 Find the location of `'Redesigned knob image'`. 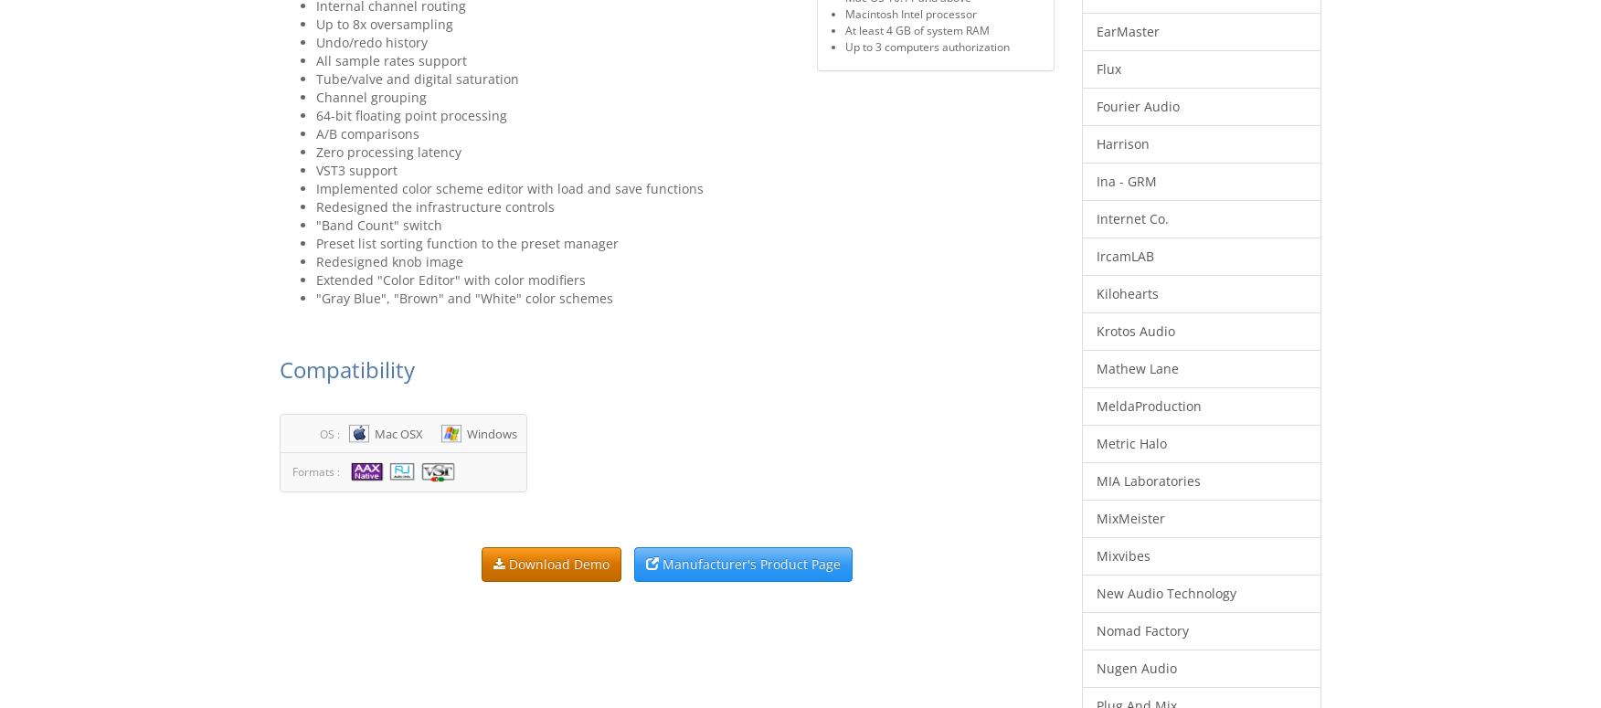

'Redesigned knob image' is located at coordinates (388, 260).